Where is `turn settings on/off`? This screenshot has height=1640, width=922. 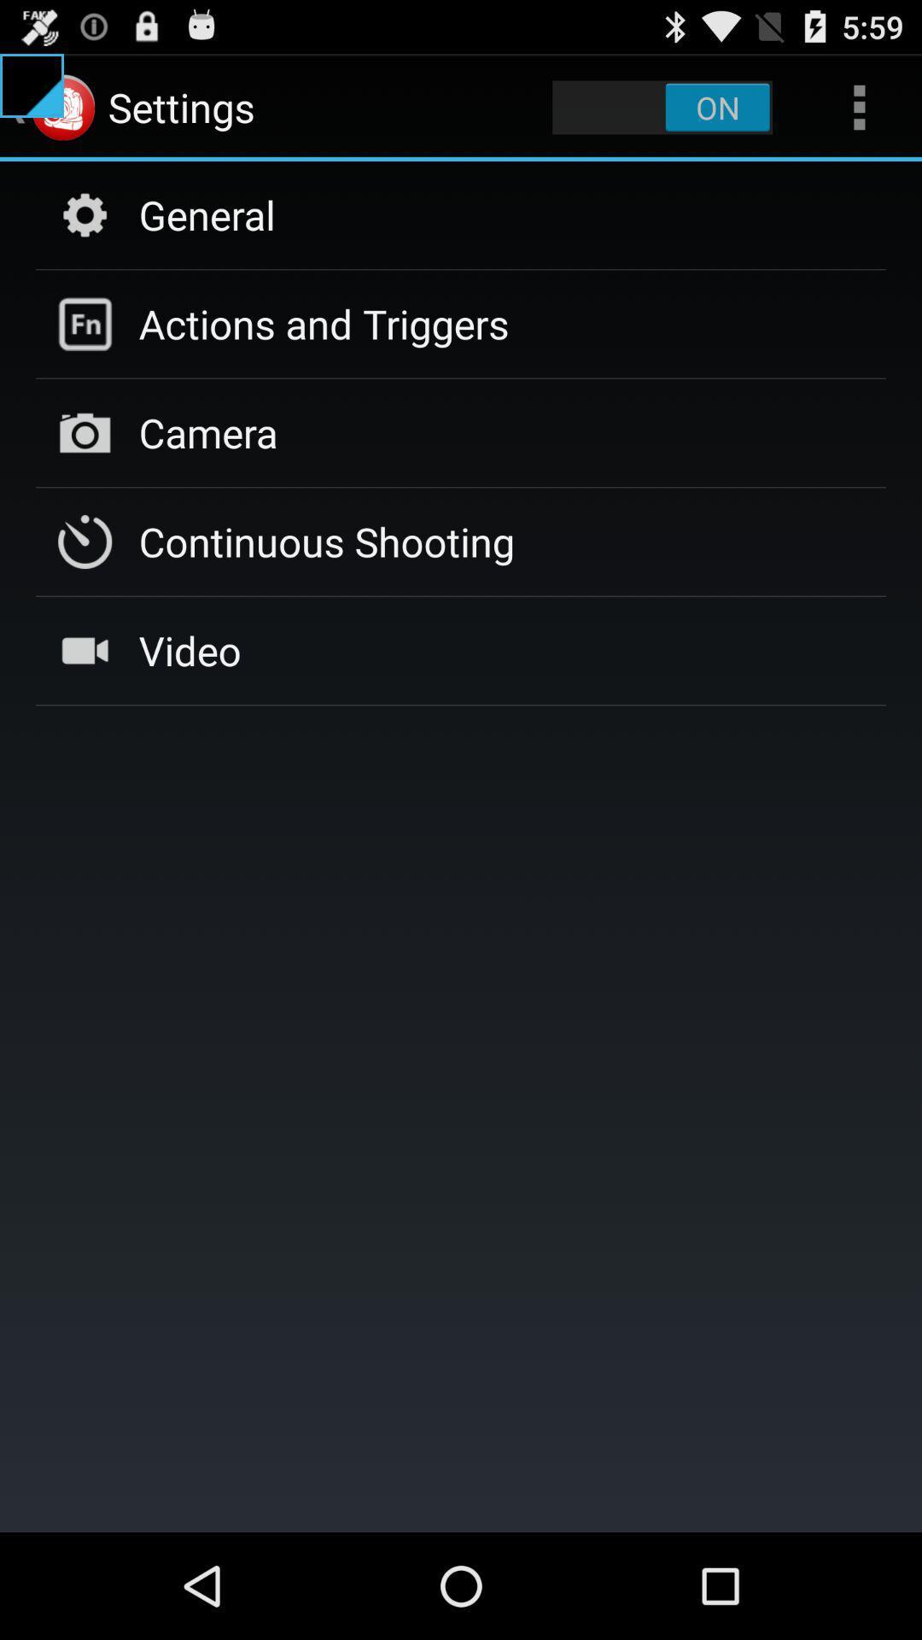 turn settings on/off is located at coordinates (662, 106).